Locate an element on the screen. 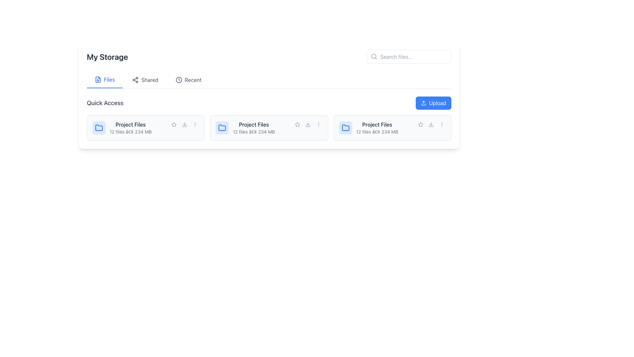 Image resolution: width=634 pixels, height=357 pixels. the blue folder icon located in the first 'Quick Access' card is located at coordinates (98, 128).